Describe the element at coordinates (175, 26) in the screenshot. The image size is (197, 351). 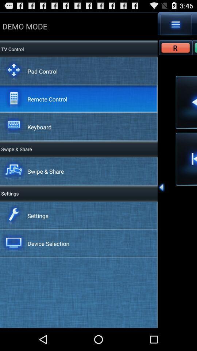
I see `the menu icon` at that location.